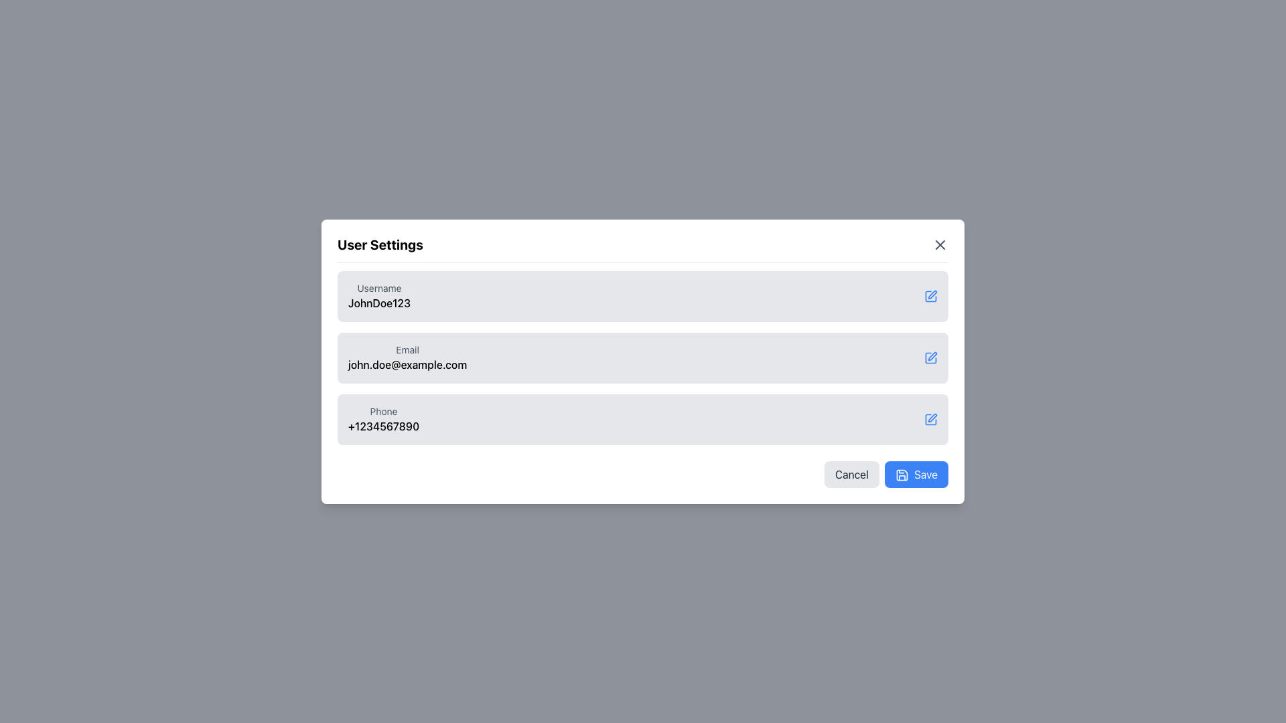 The height and width of the screenshot is (723, 1286). What do you see at coordinates (930, 418) in the screenshot?
I see `the edit button located to the right of the phone number field` at bounding box center [930, 418].